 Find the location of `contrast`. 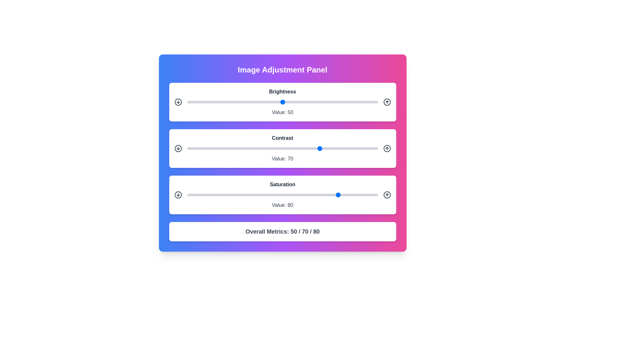

contrast is located at coordinates (363, 149).